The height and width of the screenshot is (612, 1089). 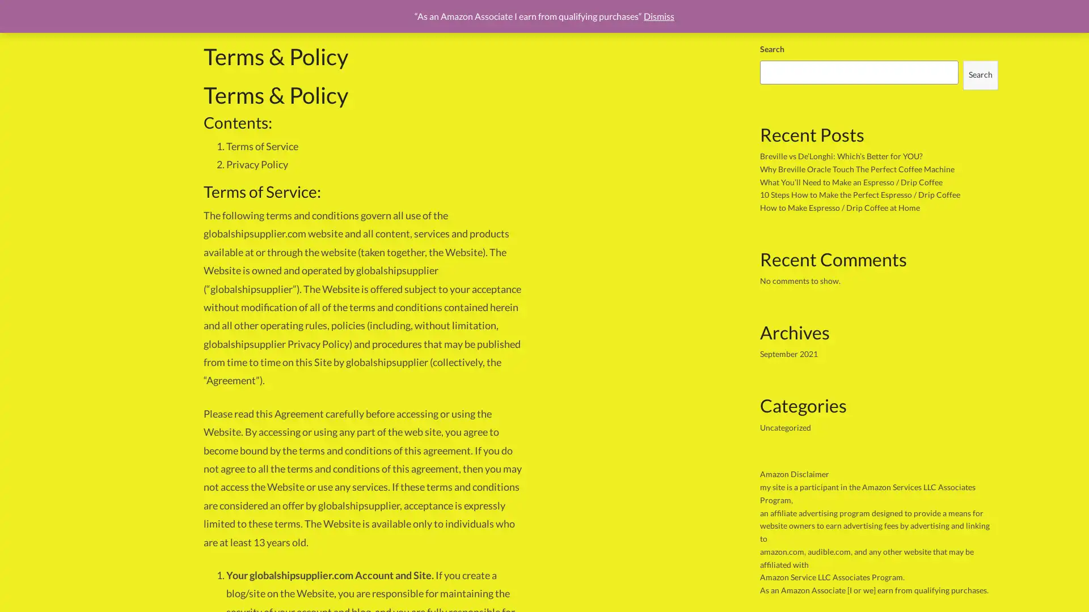 What do you see at coordinates (980, 74) in the screenshot?
I see `Search` at bounding box center [980, 74].